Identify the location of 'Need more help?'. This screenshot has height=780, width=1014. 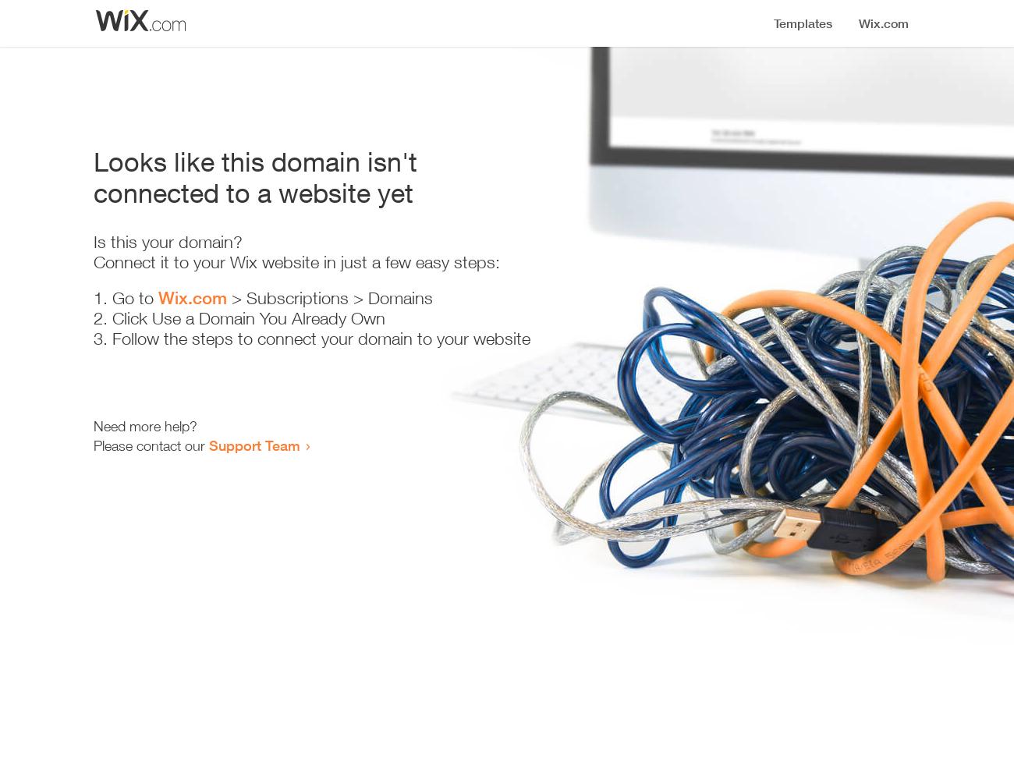
(145, 426).